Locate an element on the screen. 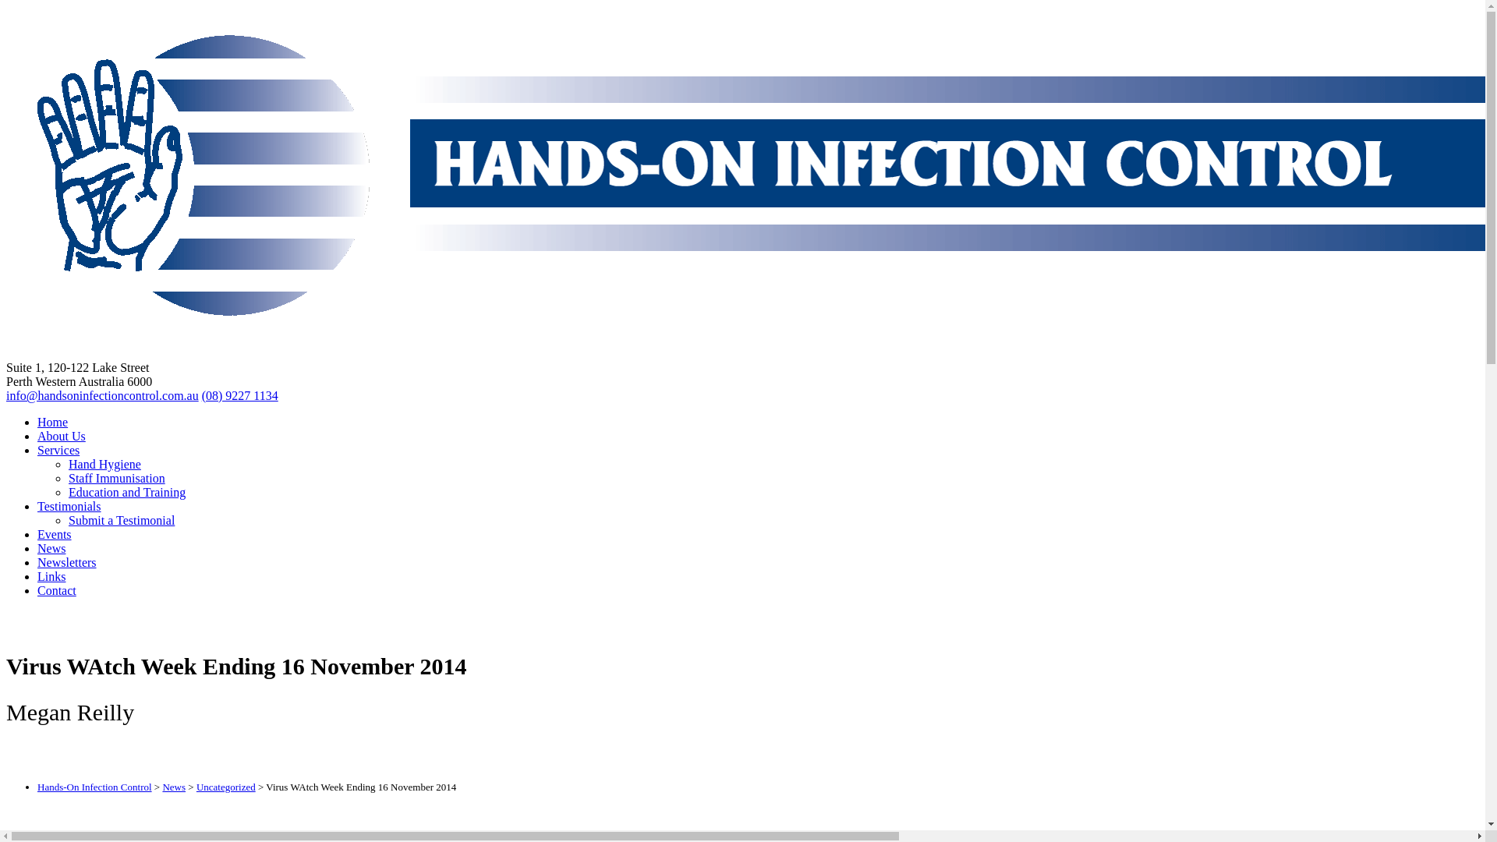  'News' is located at coordinates (51, 547).